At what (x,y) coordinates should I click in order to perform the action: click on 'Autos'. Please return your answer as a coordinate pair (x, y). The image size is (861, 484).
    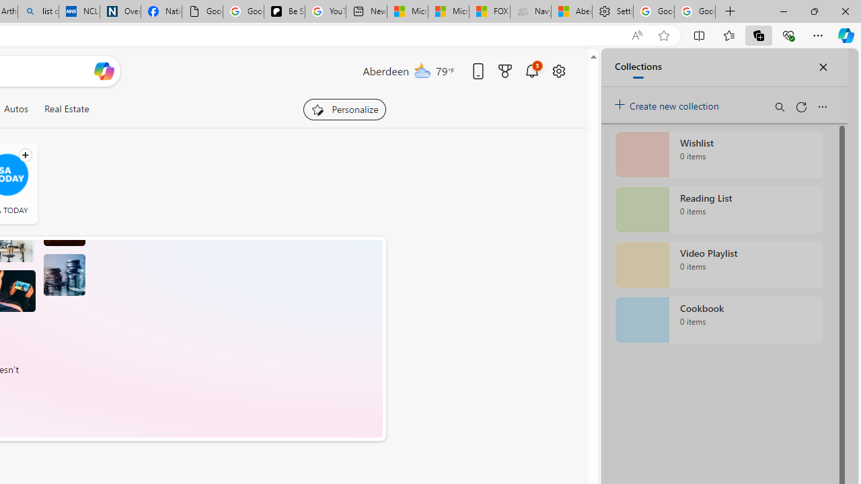
    Looking at the image, I should click on (15, 108).